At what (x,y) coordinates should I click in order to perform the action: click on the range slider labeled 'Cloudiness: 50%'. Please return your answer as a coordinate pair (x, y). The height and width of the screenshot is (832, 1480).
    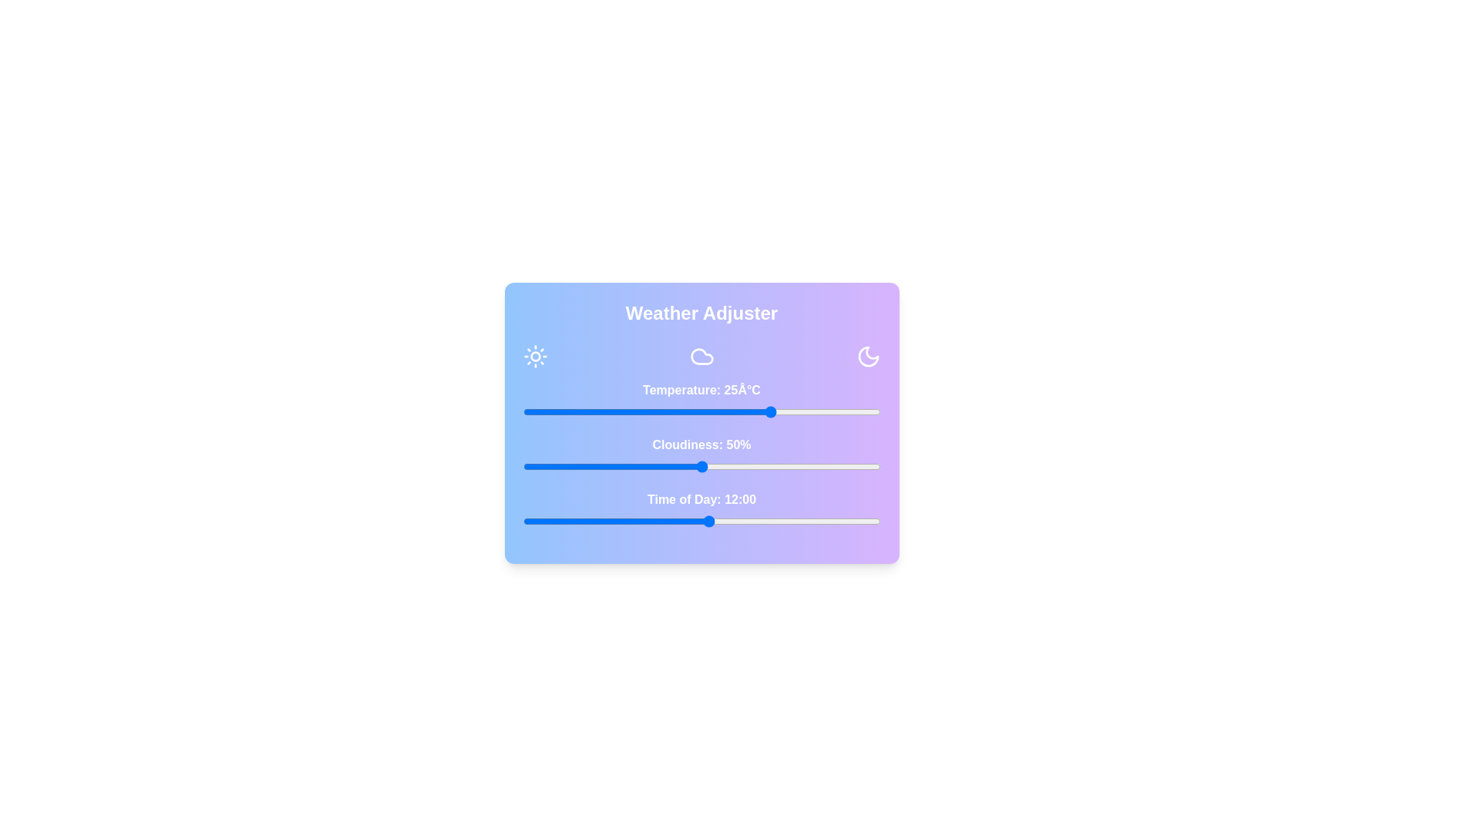
    Looking at the image, I should click on (701, 456).